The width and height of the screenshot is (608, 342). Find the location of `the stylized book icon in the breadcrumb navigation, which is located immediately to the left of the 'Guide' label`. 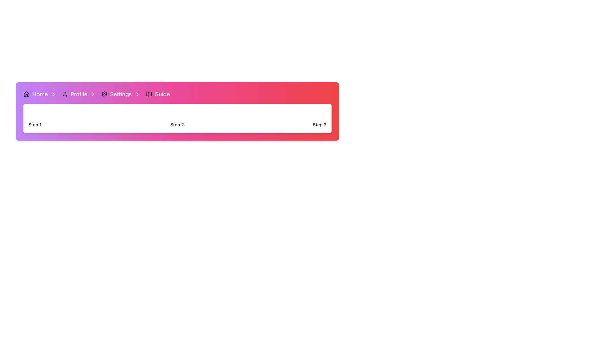

the stylized book icon in the breadcrumb navigation, which is located immediately to the left of the 'Guide' label is located at coordinates (149, 94).